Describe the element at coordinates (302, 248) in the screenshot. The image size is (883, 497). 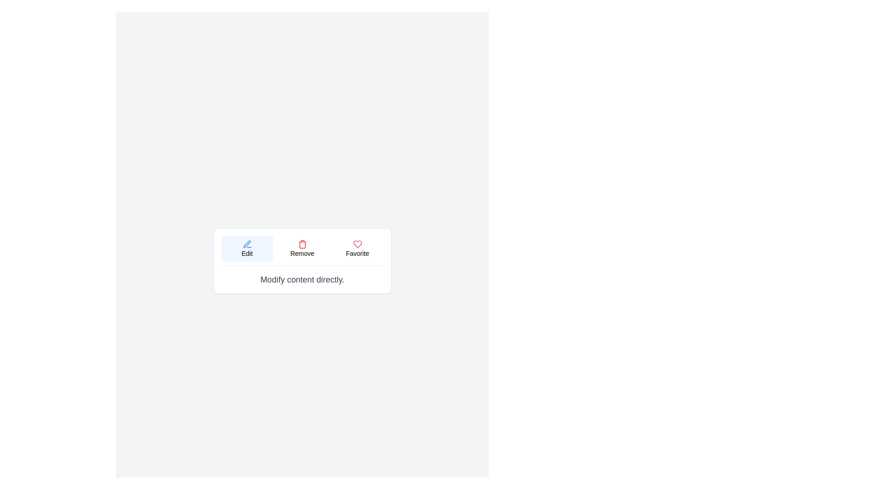
I see `the Remove tab to select it` at that location.